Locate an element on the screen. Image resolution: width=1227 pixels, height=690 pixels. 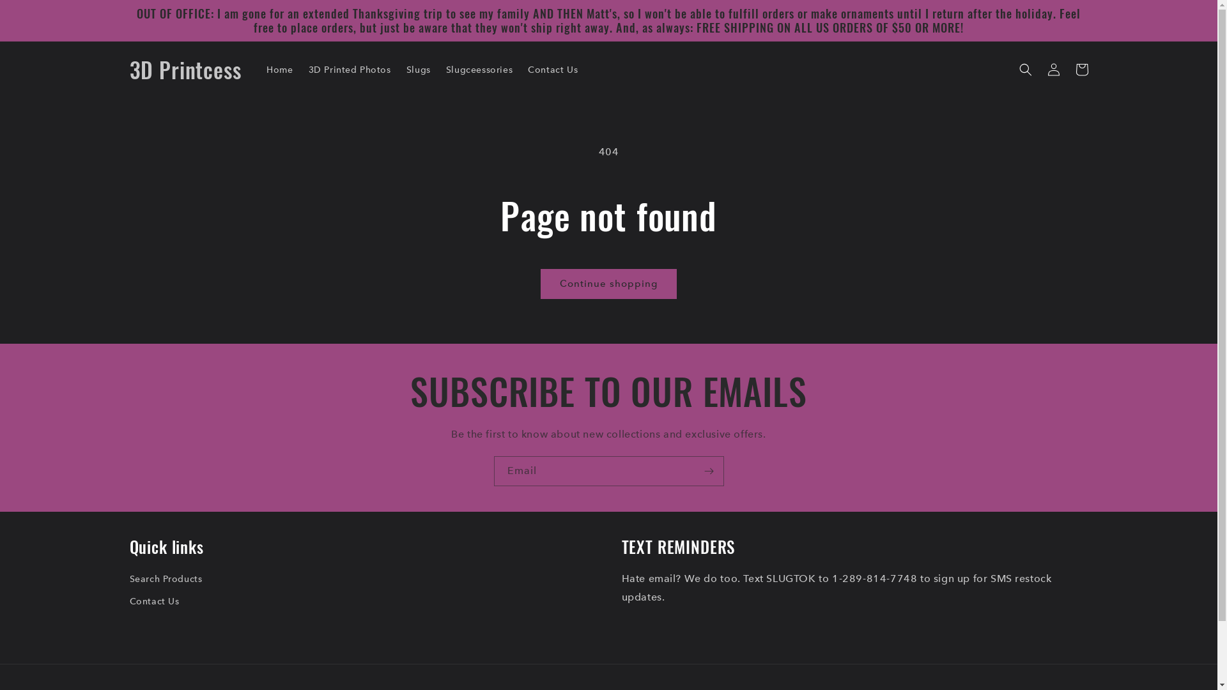
'Contact Us' is located at coordinates (153, 601).